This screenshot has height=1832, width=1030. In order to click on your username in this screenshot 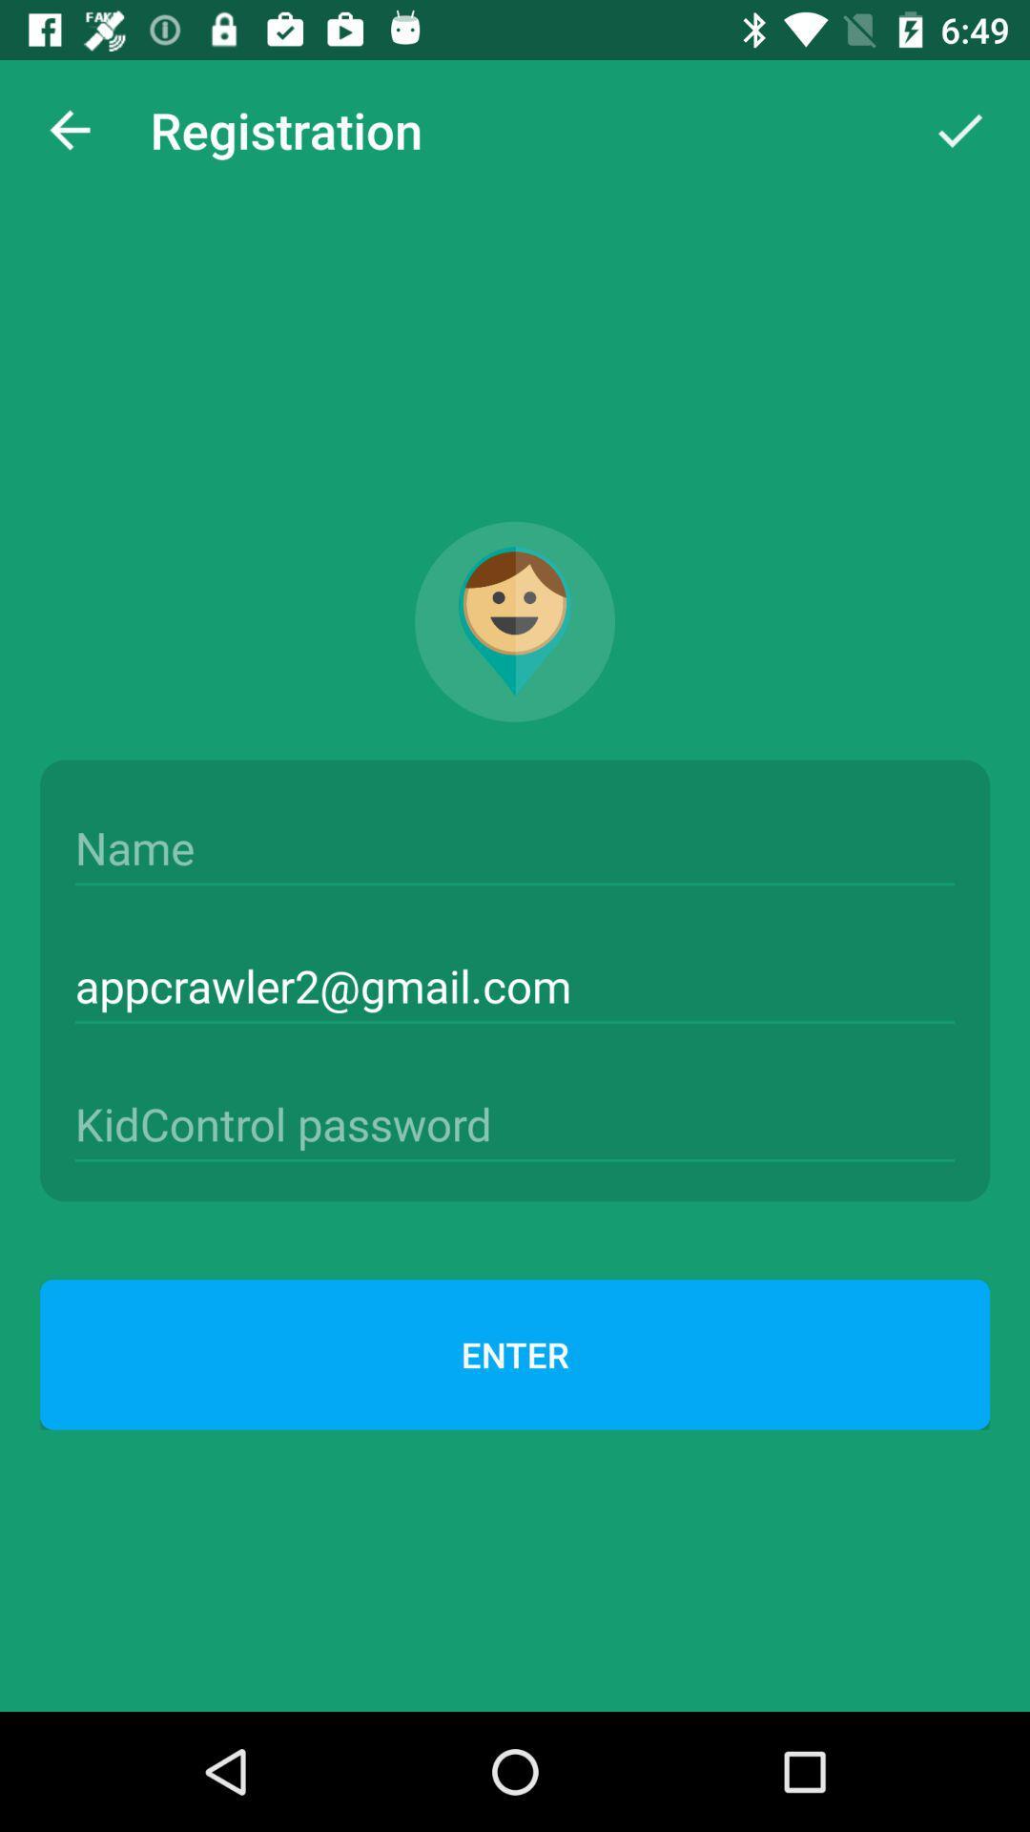, I will do `click(515, 847)`.